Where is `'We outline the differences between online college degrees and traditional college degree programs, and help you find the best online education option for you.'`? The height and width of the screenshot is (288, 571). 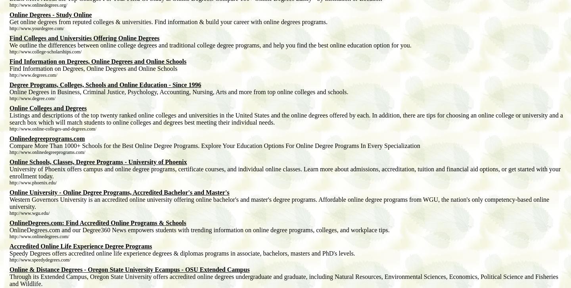
'We outline the differences between online college degrees and traditional college degree programs, and help you find the best online education option for you.' is located at coordinates (9, 45).